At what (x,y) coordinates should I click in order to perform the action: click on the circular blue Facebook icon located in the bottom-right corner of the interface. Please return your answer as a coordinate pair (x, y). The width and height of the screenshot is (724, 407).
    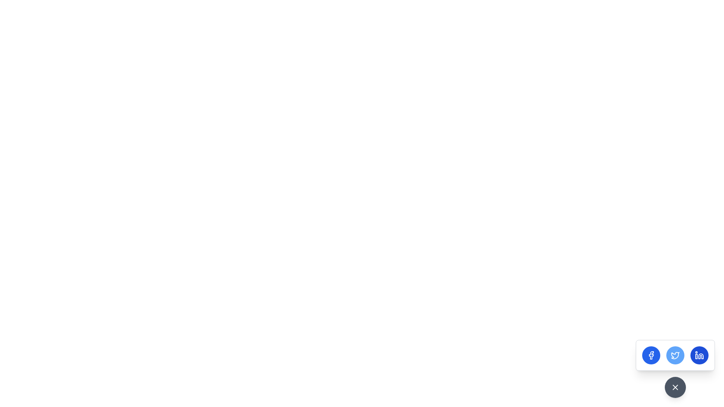
    Looking at the image, I should click on (651, 355).